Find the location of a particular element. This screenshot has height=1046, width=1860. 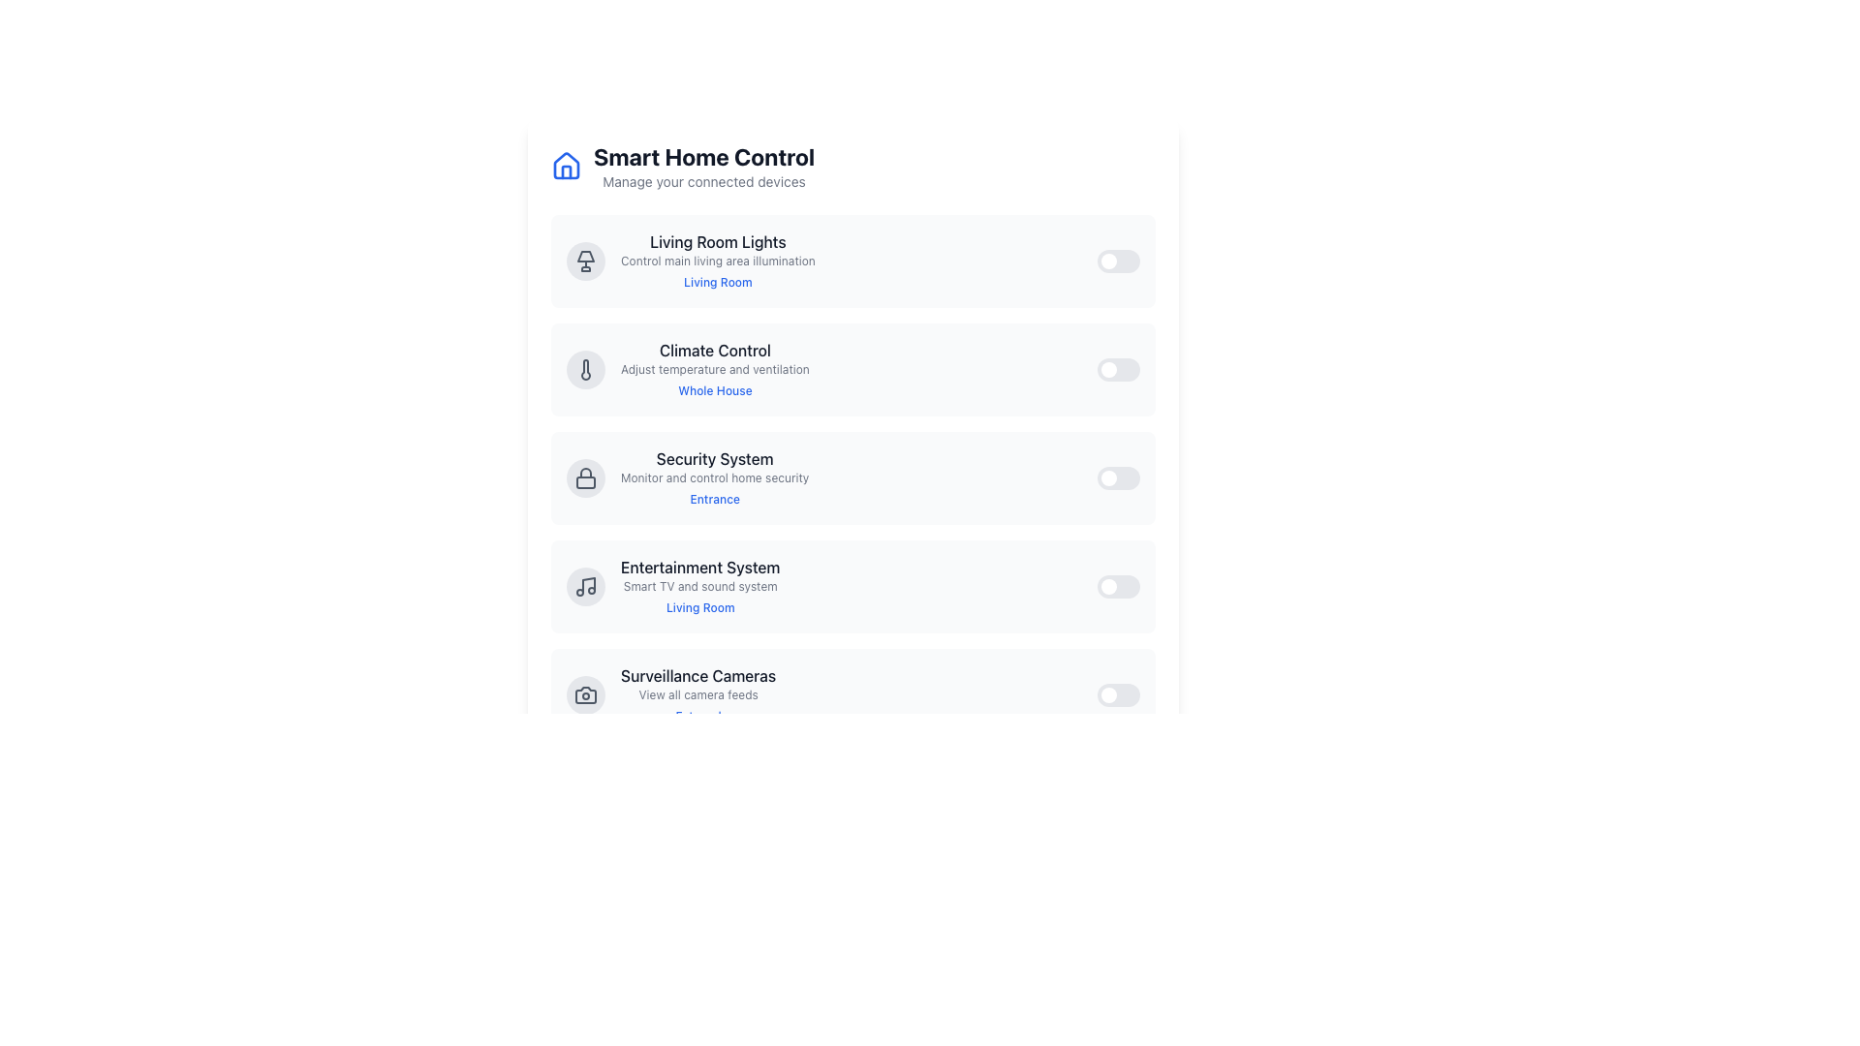

the interactive control row for the Entertainment System, which is the fourth item in the vertical list of control rows within the 'Smart Home Control' interface is located at coordinates (852, 585).